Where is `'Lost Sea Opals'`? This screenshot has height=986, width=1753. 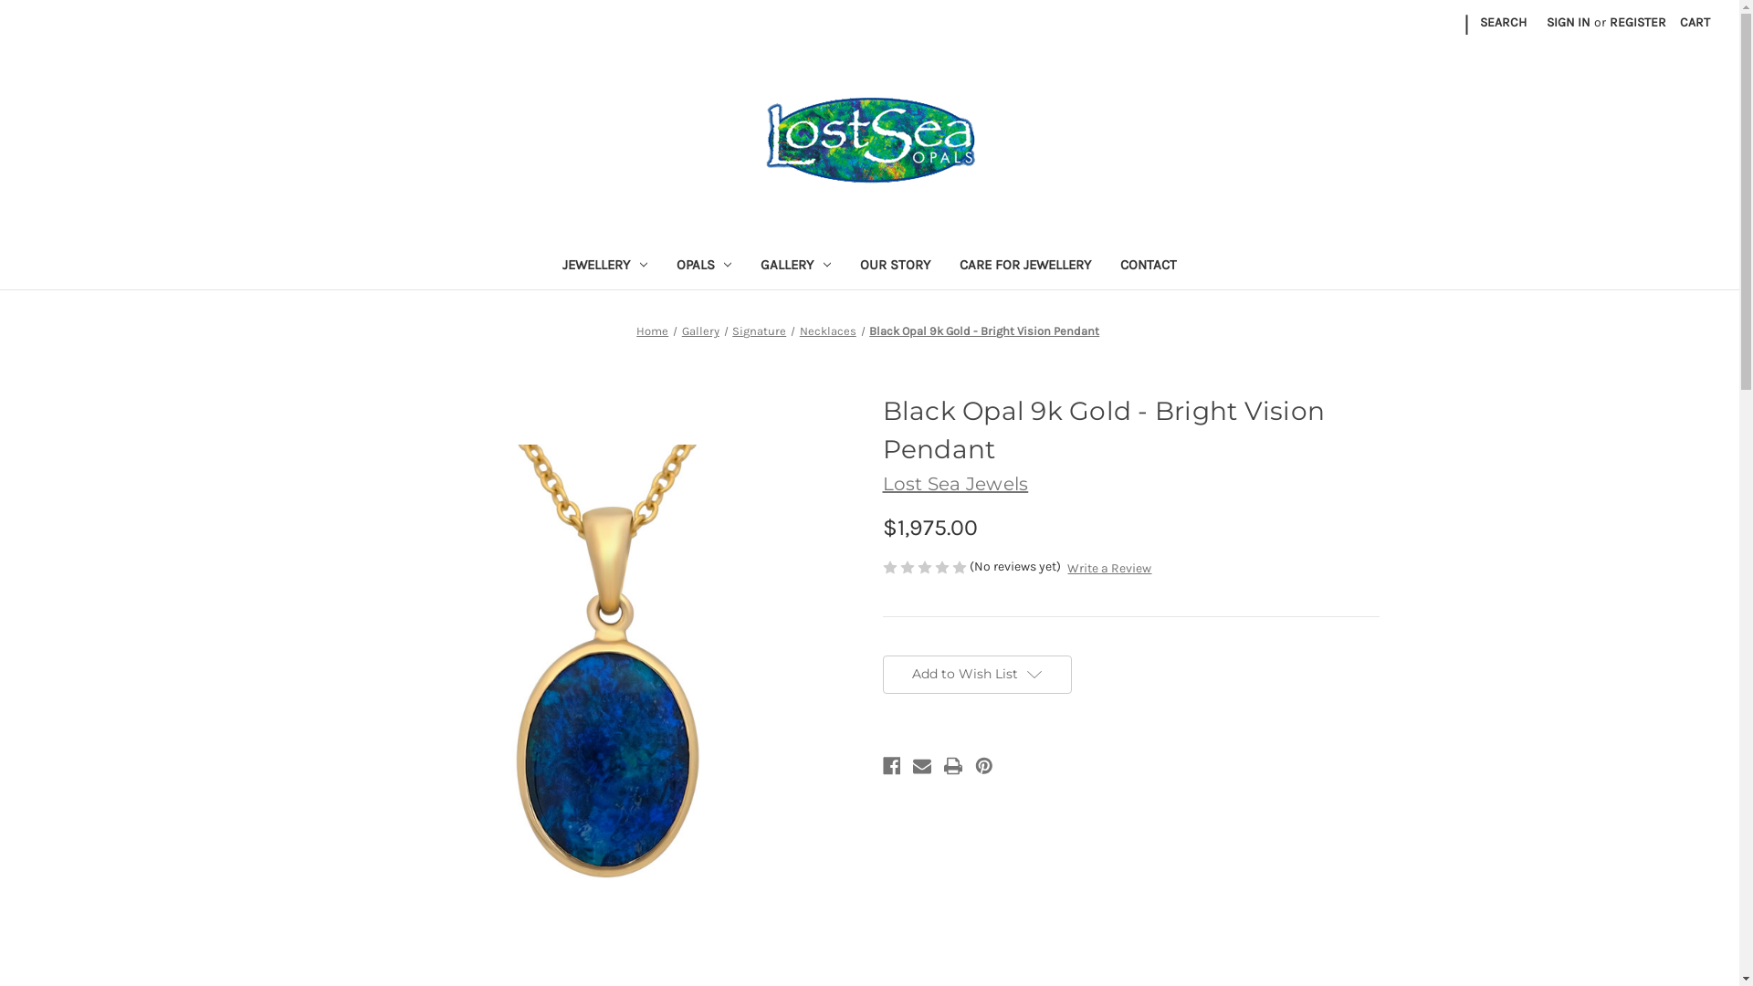
'Lost Sea Opals' is located at coordinates (867, 140).